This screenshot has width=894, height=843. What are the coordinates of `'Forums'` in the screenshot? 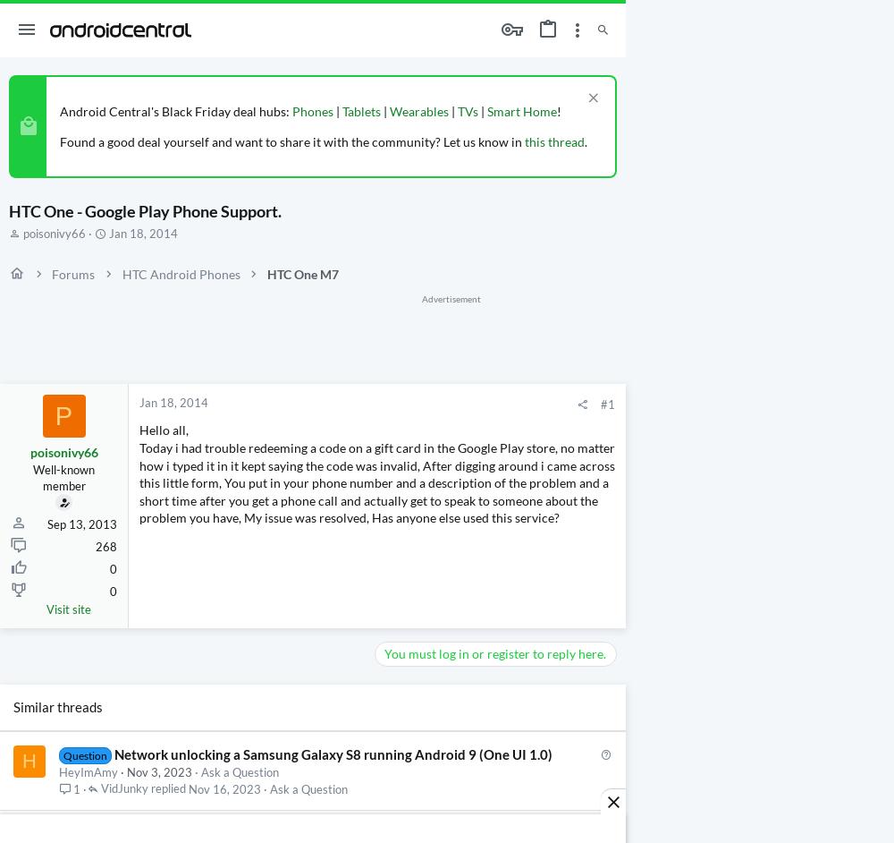 It's located at (72, 273).